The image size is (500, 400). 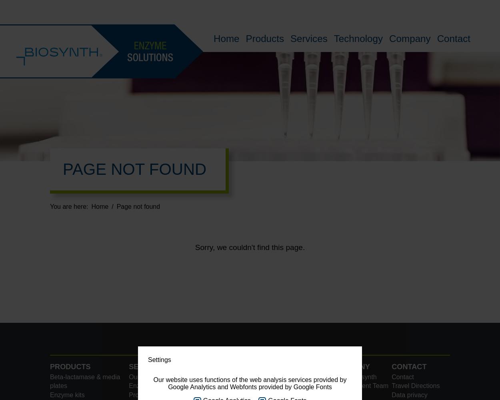 I want to click on 'Travel Directions', so click(x=391, y=385).